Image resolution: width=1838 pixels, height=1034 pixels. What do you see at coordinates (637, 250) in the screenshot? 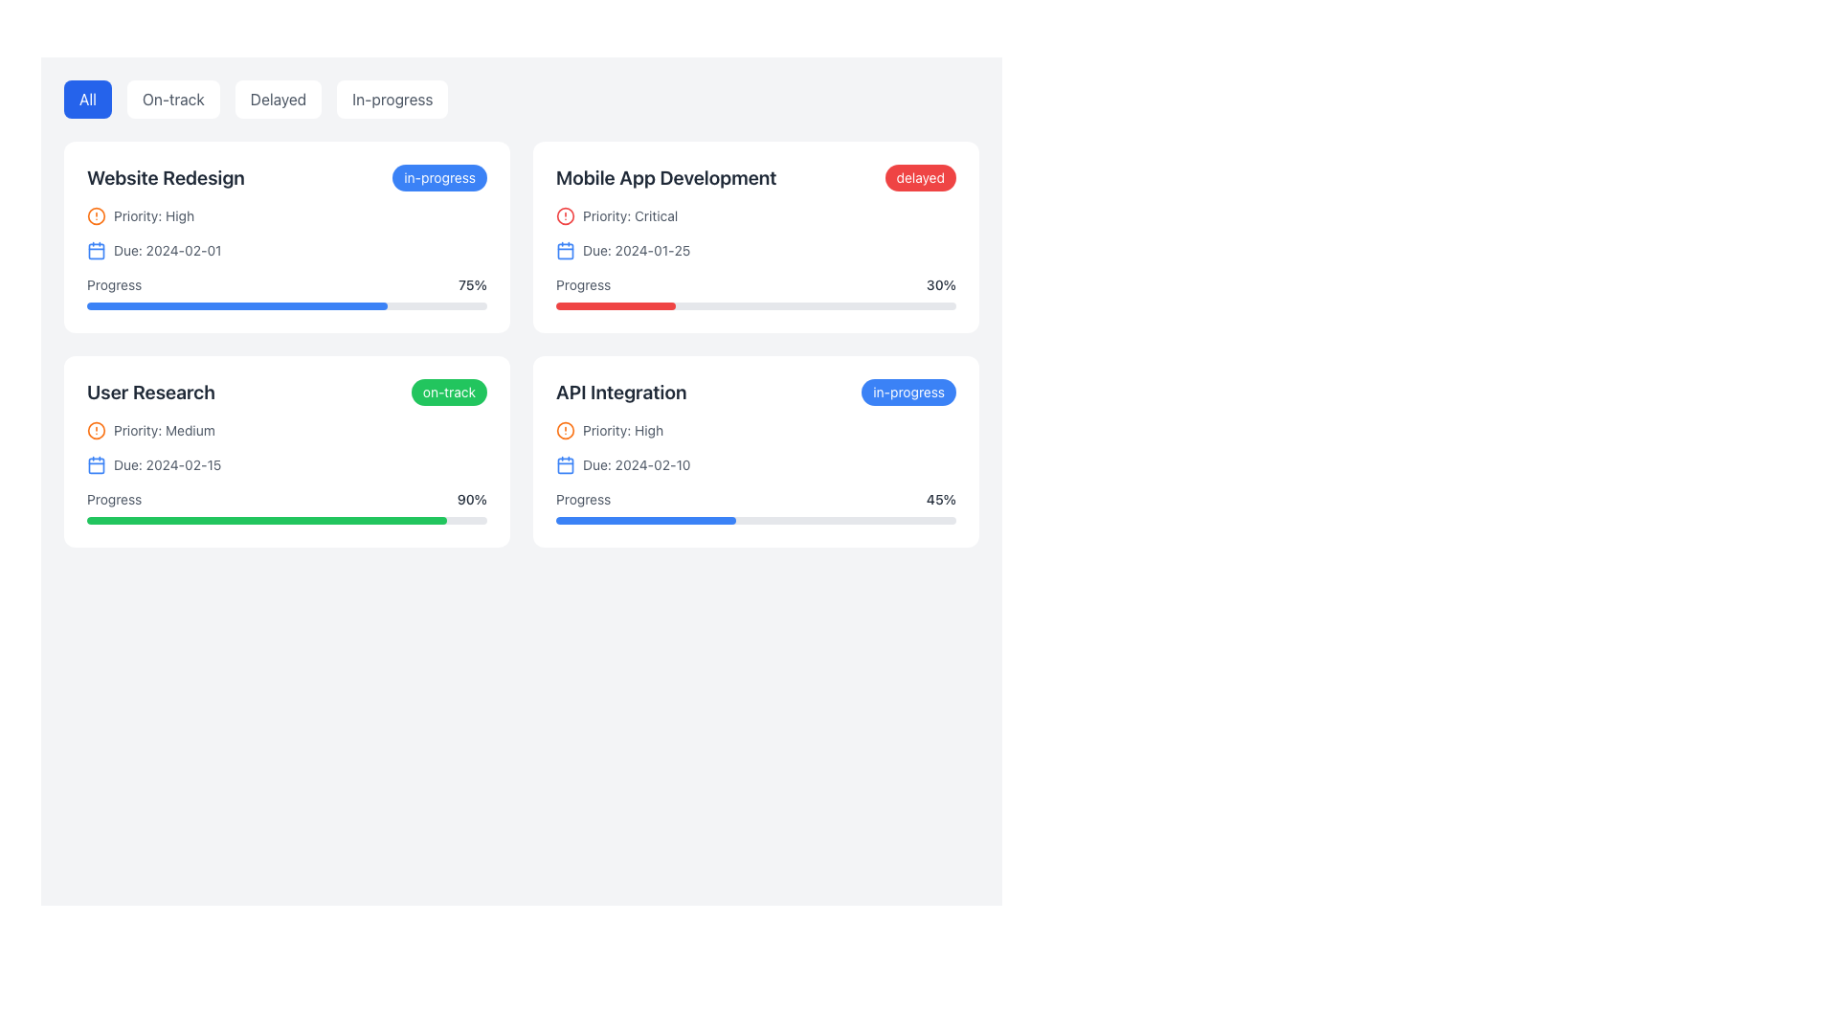
I see `the Text label displaying 'Due: 2024-01-25' located in the 'Mobile App Development' section, positioned above the progress bar and beside a calendar icon` at bounding box center [637, 250].